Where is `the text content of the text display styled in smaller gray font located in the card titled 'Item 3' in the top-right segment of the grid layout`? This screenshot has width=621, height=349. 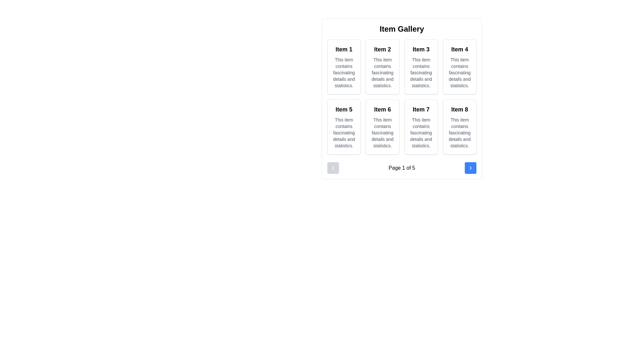
the text content of the text display styled in smaller gray font located in the card titled 'Item 3' in the top-right segment of the grid layout is located at coordinates (421, 72).